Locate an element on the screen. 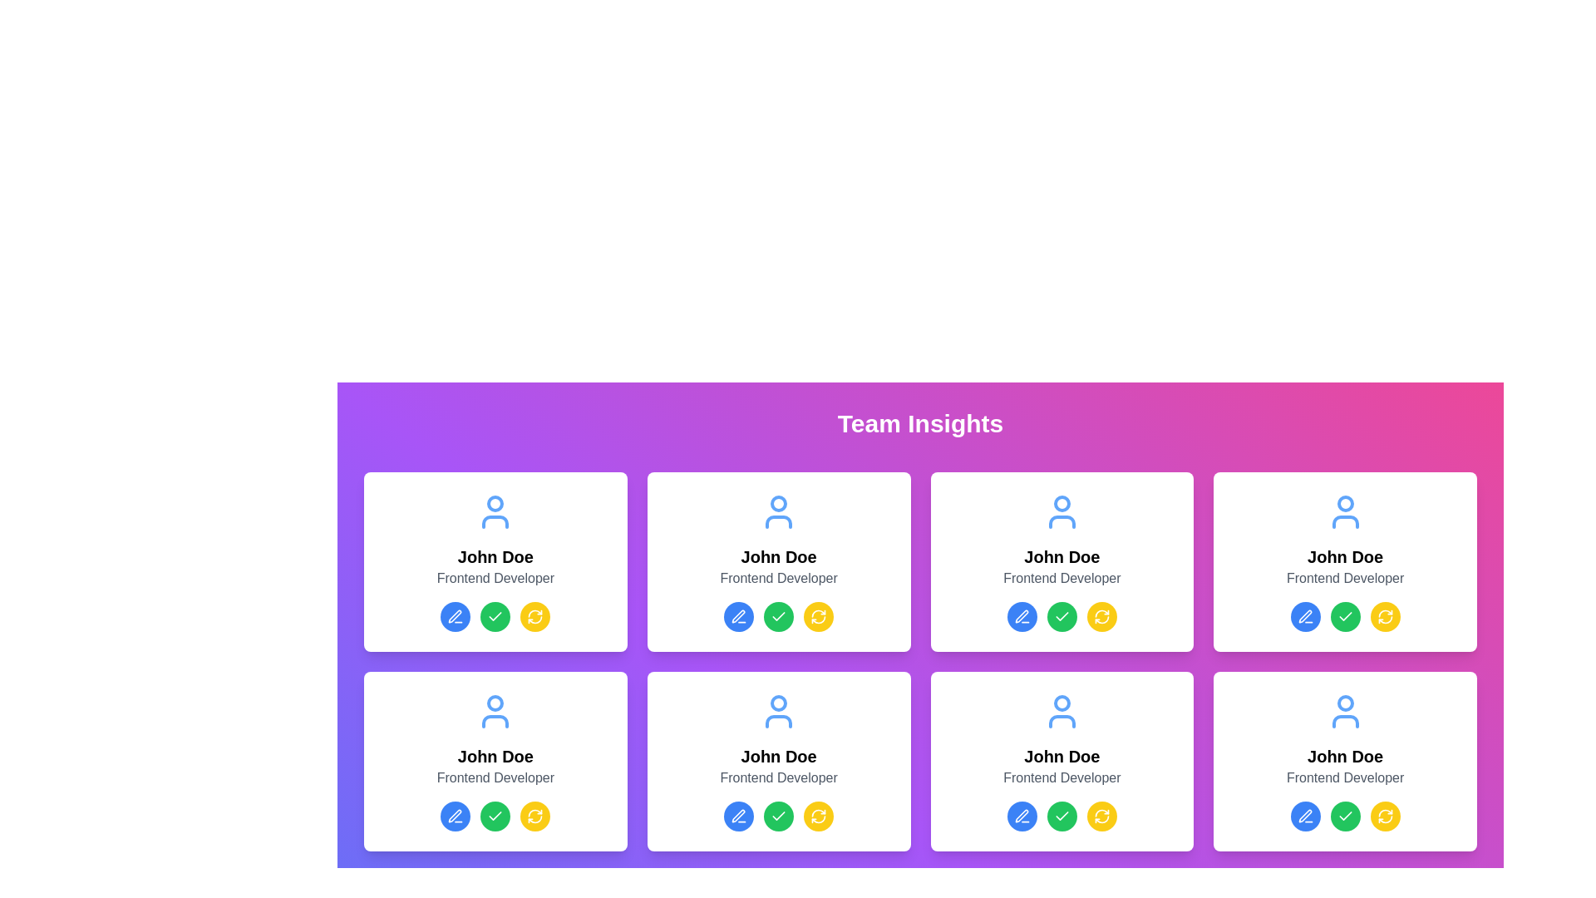 The width and height of the screenshot is (1596, 898). the user profile icon located at the top center of the card, directly above the text 'John Doe' is located at coordinates (495, 511).